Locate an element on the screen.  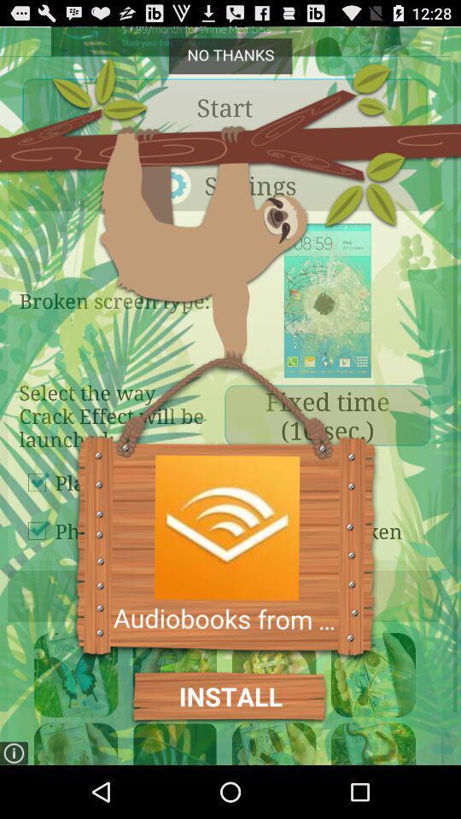
the volume icon is located at coordinates (372, 796).